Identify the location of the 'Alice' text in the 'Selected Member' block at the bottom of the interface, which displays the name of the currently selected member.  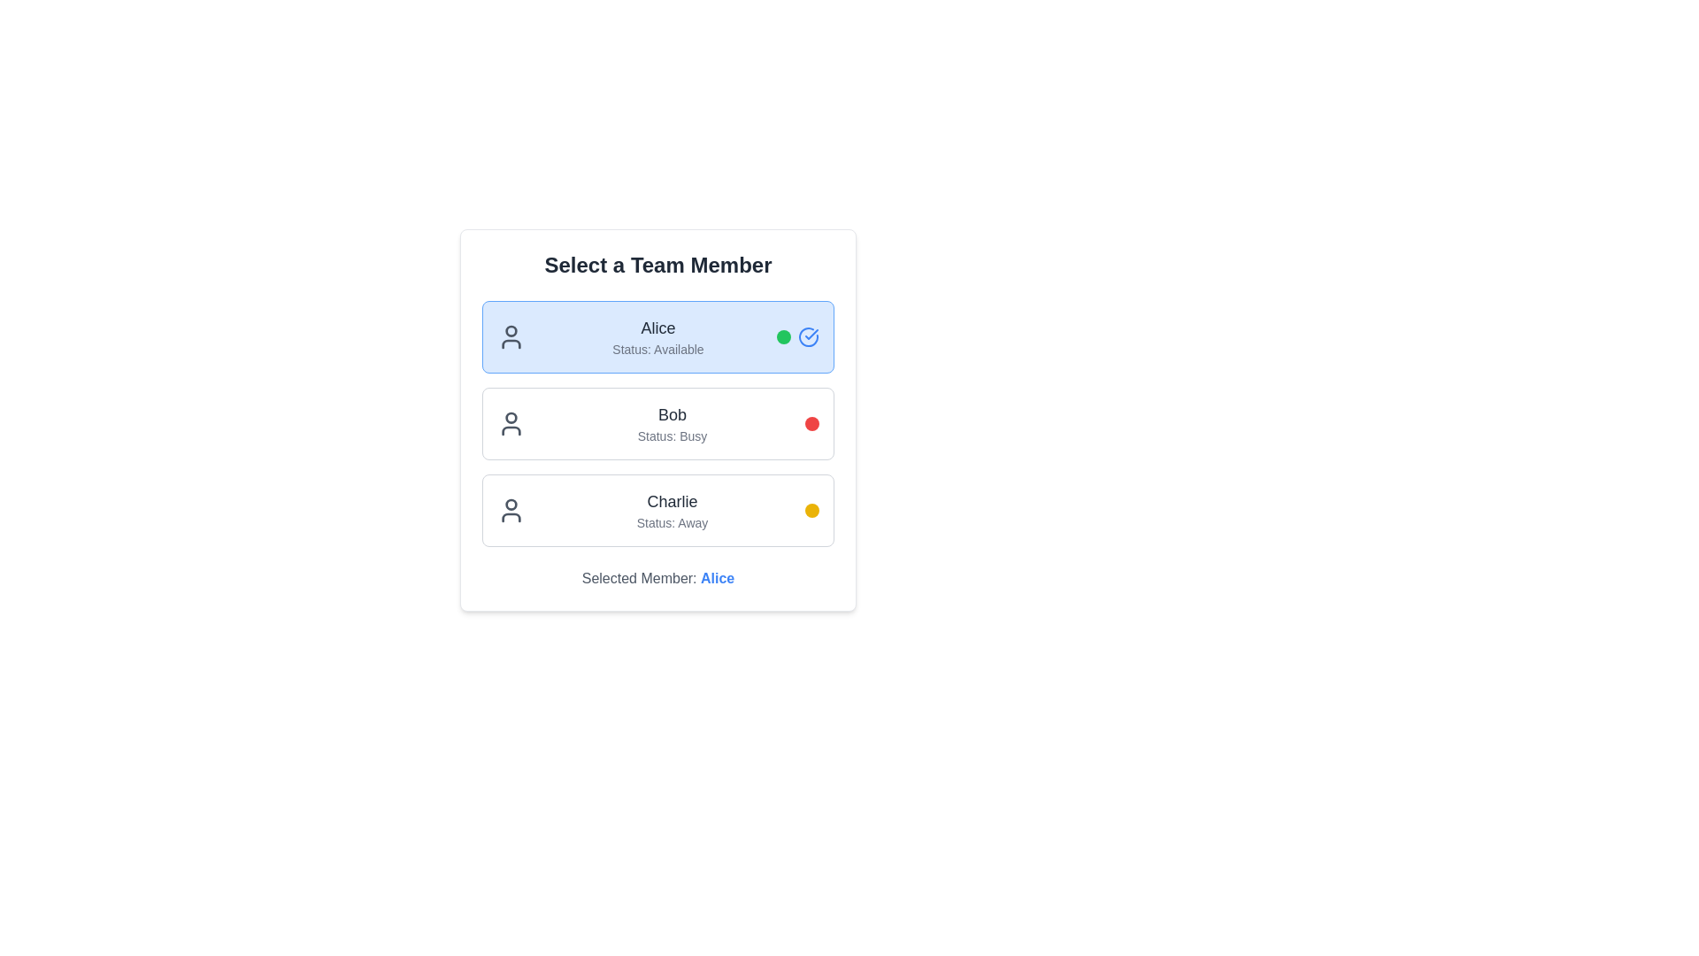
(718, 578).